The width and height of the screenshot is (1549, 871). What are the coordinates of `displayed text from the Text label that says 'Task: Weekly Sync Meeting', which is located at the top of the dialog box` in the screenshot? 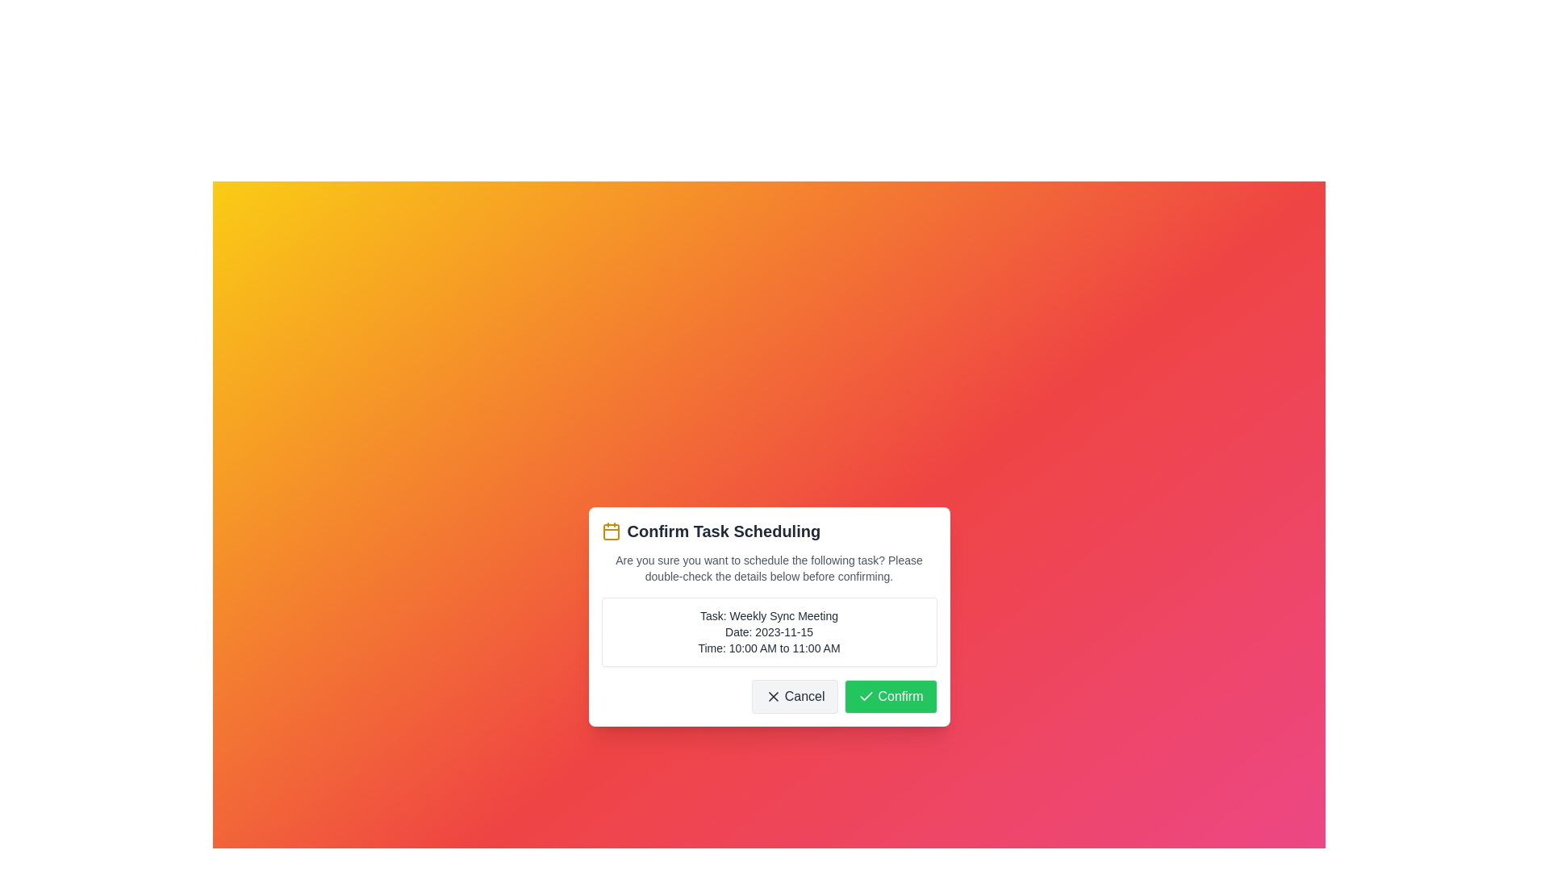 It's located at (768, 615).